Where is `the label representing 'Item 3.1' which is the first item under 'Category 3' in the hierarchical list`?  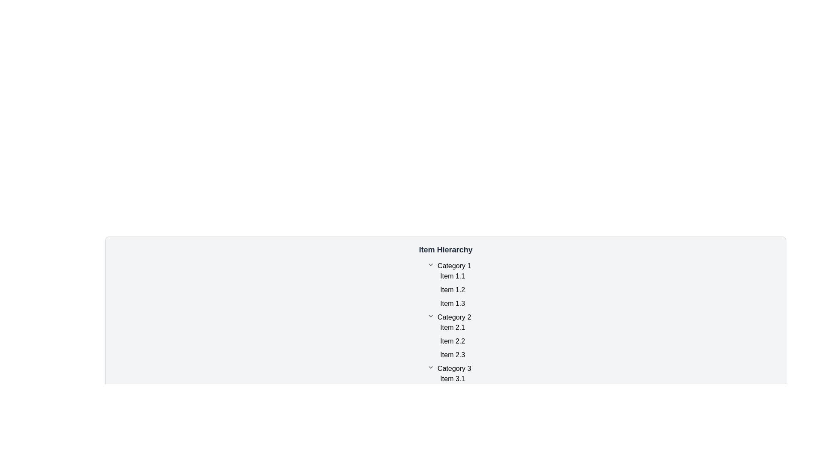
the label representing 'Item 3.1' which is the first item under 'Category 3' in the hierarchical list is located at coordinates (452, 378).